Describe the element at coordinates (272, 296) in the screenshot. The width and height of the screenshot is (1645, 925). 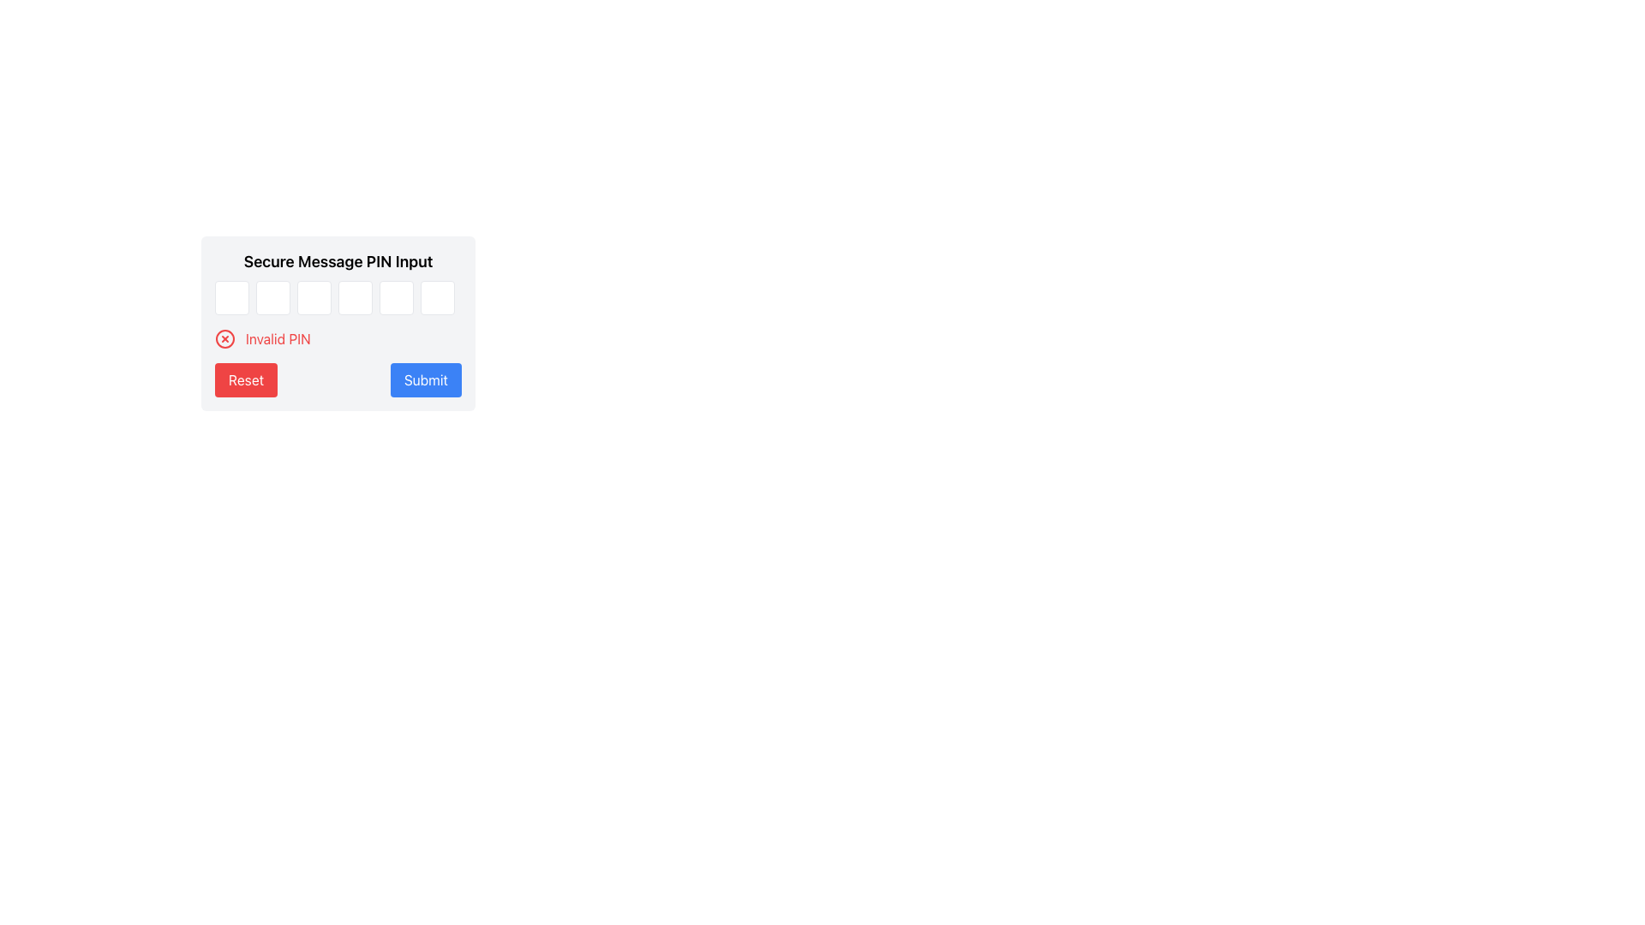
I see `inside the second input field for secure PIN entry to focus on it` at that location.